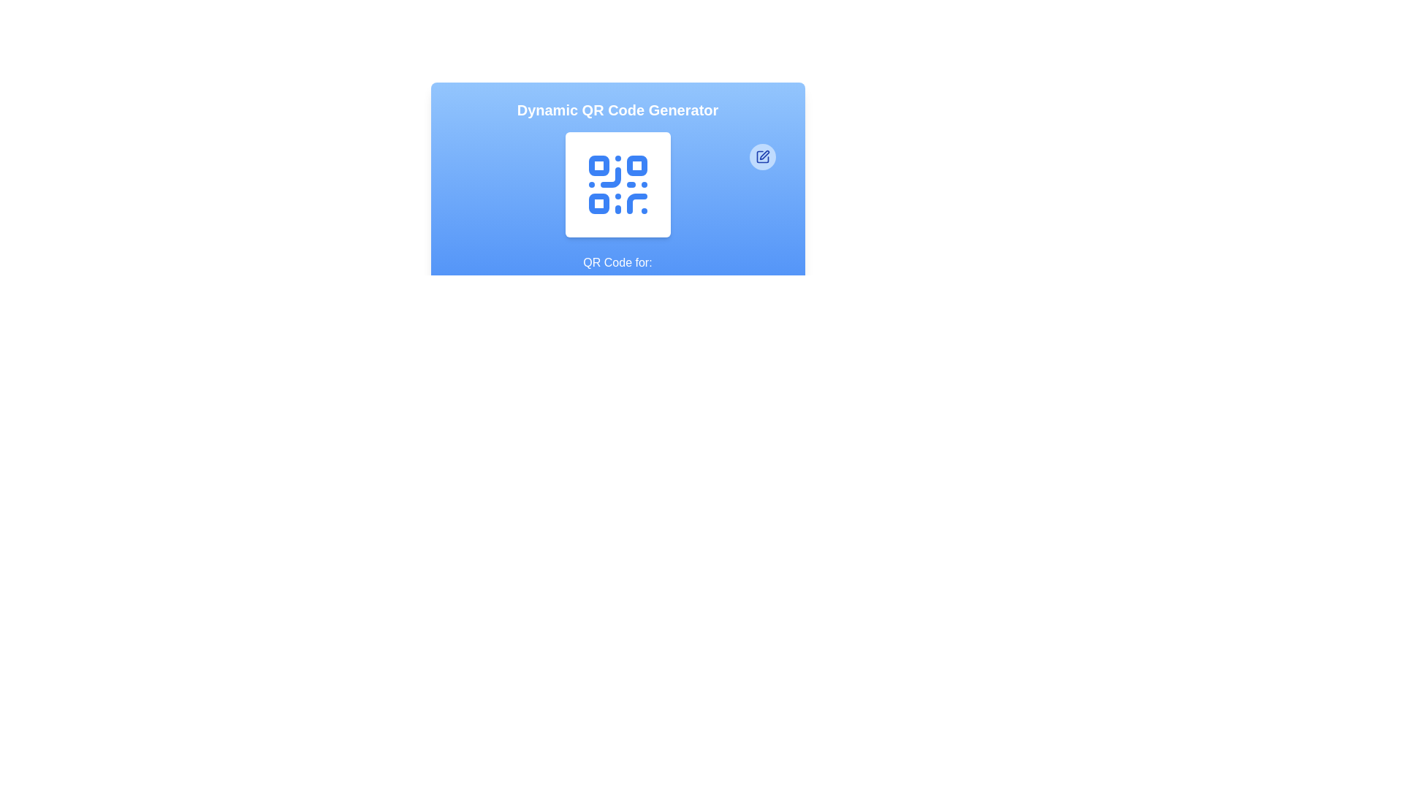 This screenshot has height=789, width=1403. Describe the element at coordinates (761, 157) in the screenshot. I see `the circular blue-bordered button with a pen icon in the top-right corner of the 'Dynamic QR Code Generator' card` at that location.